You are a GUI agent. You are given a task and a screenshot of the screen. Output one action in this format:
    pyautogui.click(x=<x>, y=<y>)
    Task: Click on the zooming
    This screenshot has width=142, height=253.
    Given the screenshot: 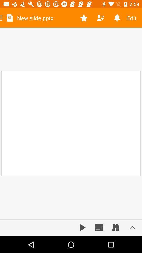 What is the action you would take?
    pyautogui.click(x=116, y=227)
    